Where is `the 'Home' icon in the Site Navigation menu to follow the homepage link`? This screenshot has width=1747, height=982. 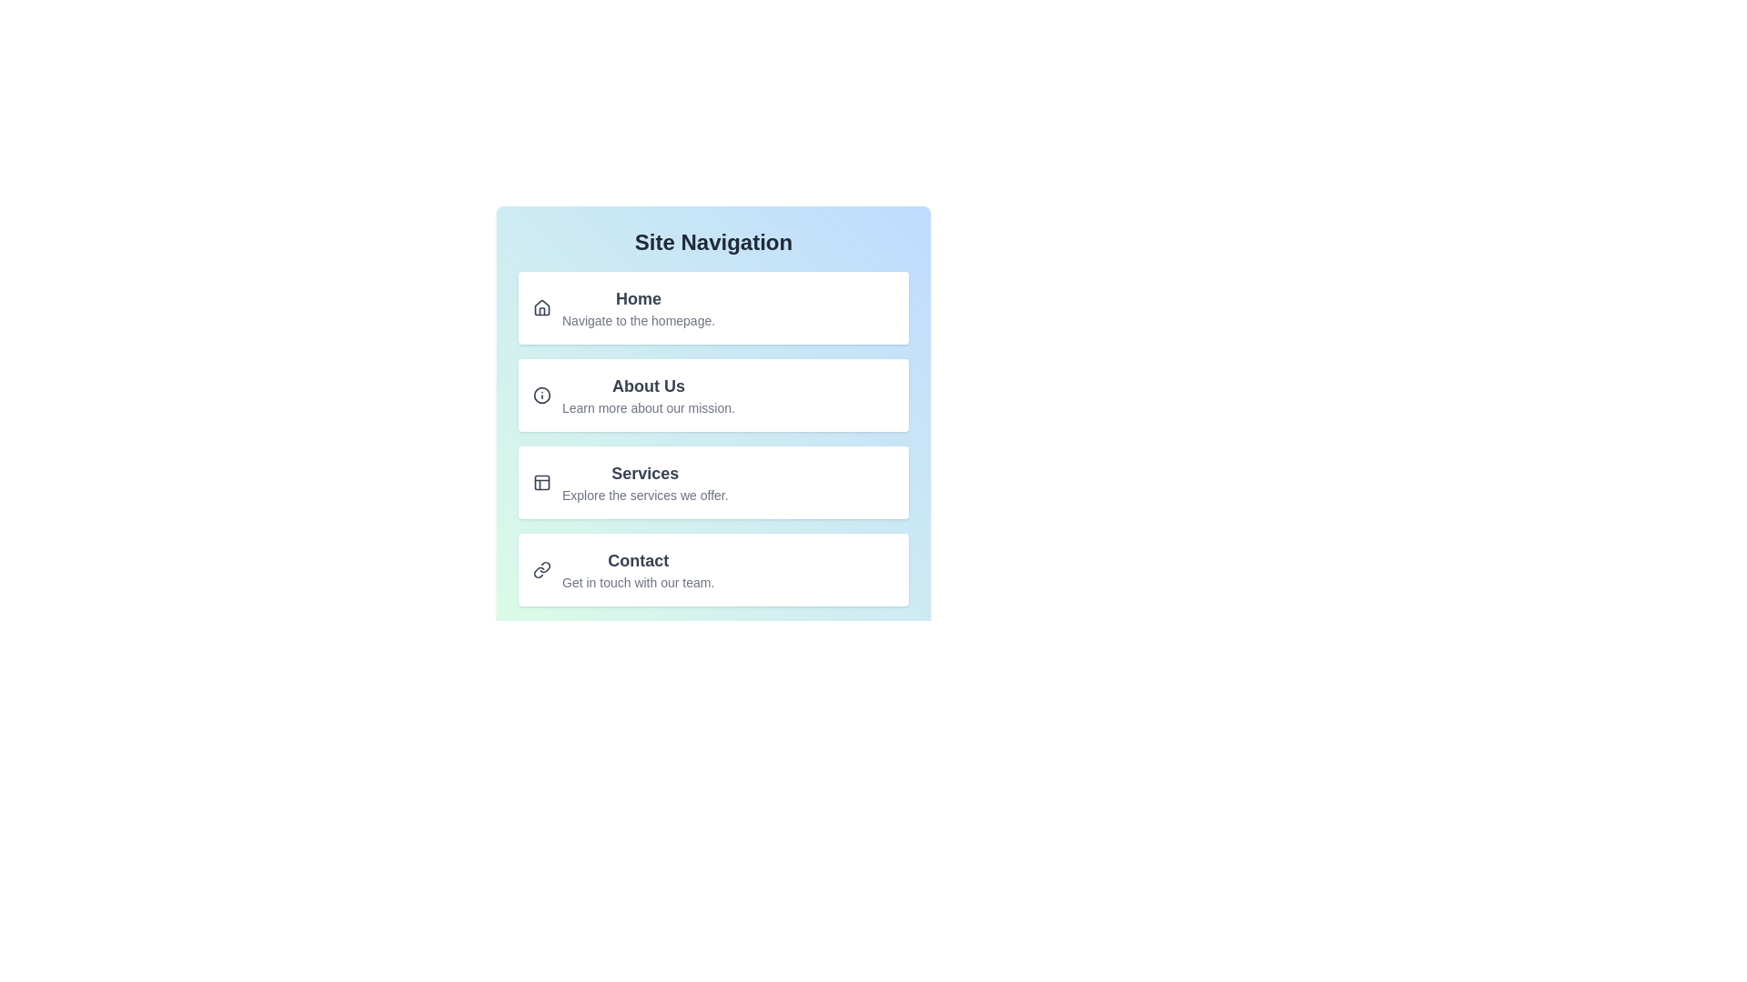 the 'Home' icon in the Site Navigation menu to follow the homepage link is located at coordinates (540, 307).